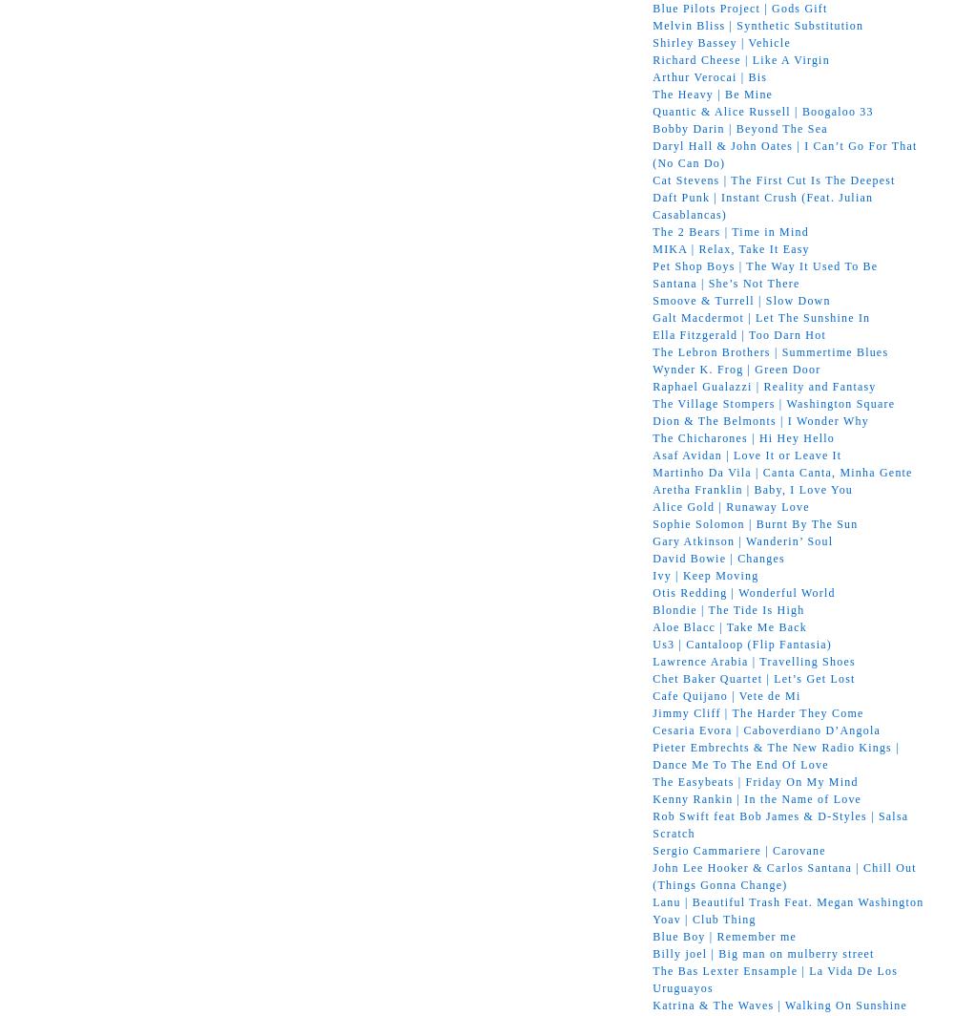  I want to click on 'Otis Redding | Wonderful World', so click(743, 591).